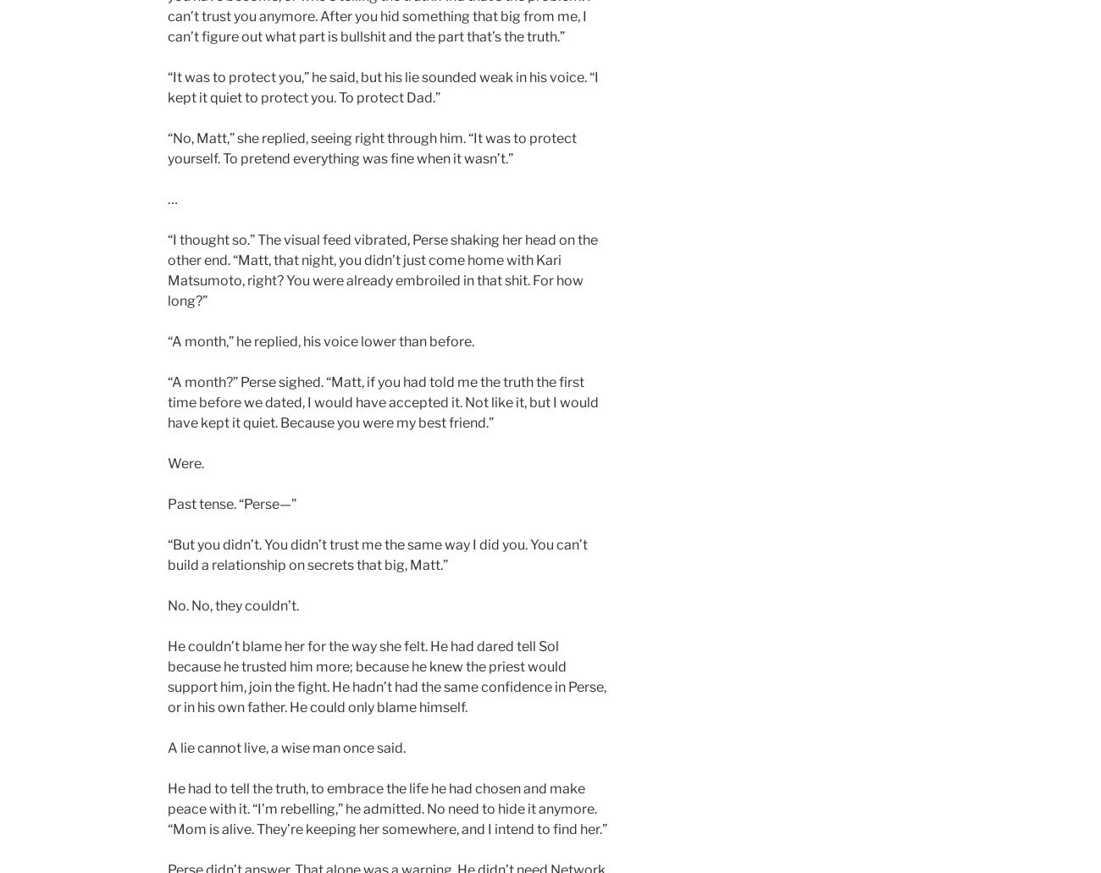  I want to click on '“A month,” he replied, his voice lower than before.', so click(167, 340).